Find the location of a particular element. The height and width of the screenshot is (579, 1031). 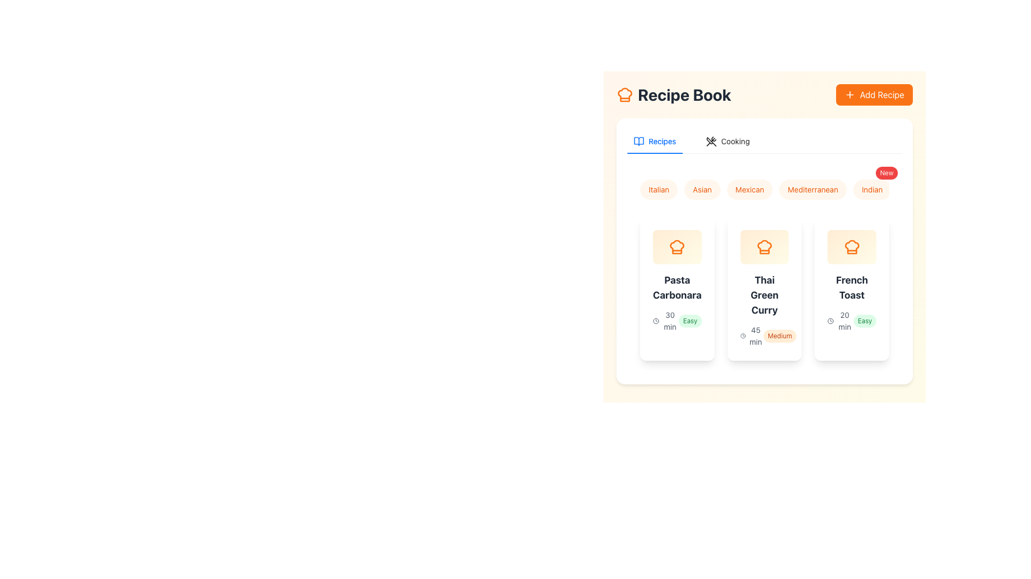

the header text element indicating the purpose or context of the displayed content related to recipes and cooking, located near the top-left corner of the interface adjacent to the chef hat icon is located at coordinates (673, 94).